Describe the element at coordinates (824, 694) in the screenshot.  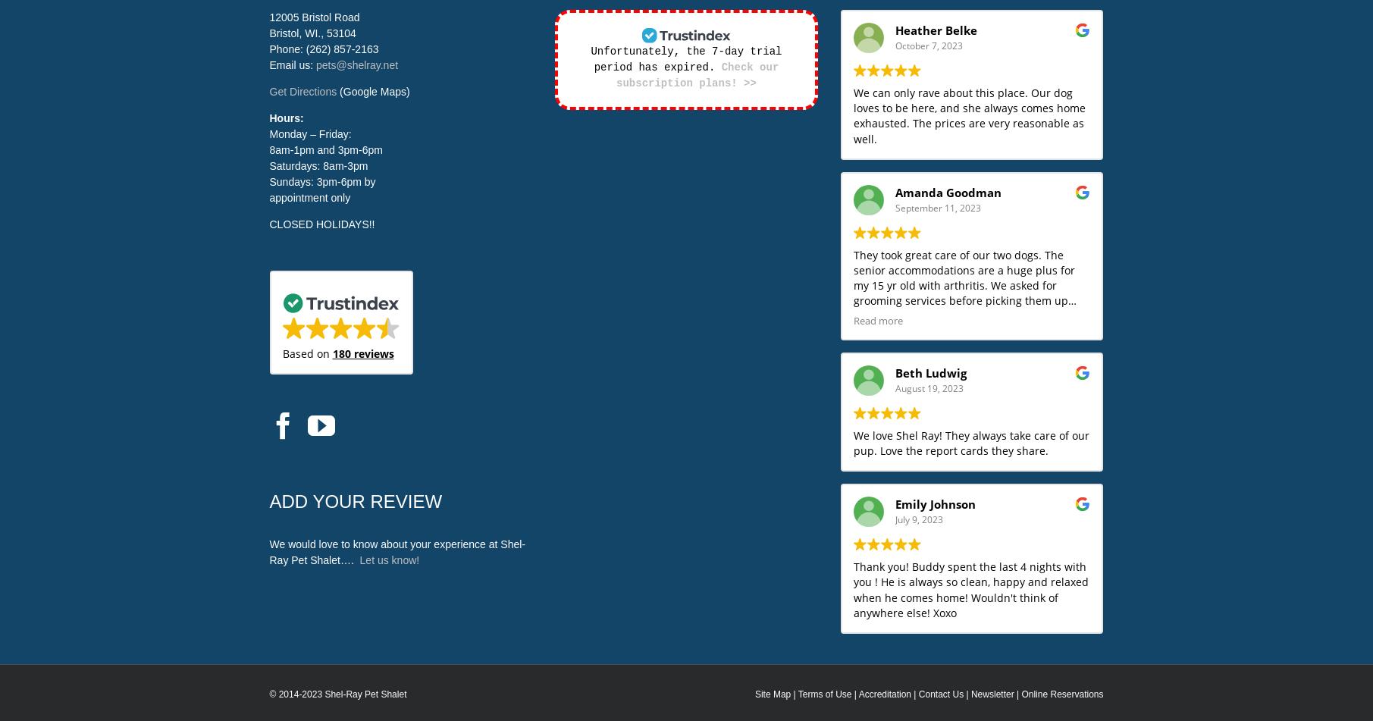
I see `'Terms of Use'` at that location.